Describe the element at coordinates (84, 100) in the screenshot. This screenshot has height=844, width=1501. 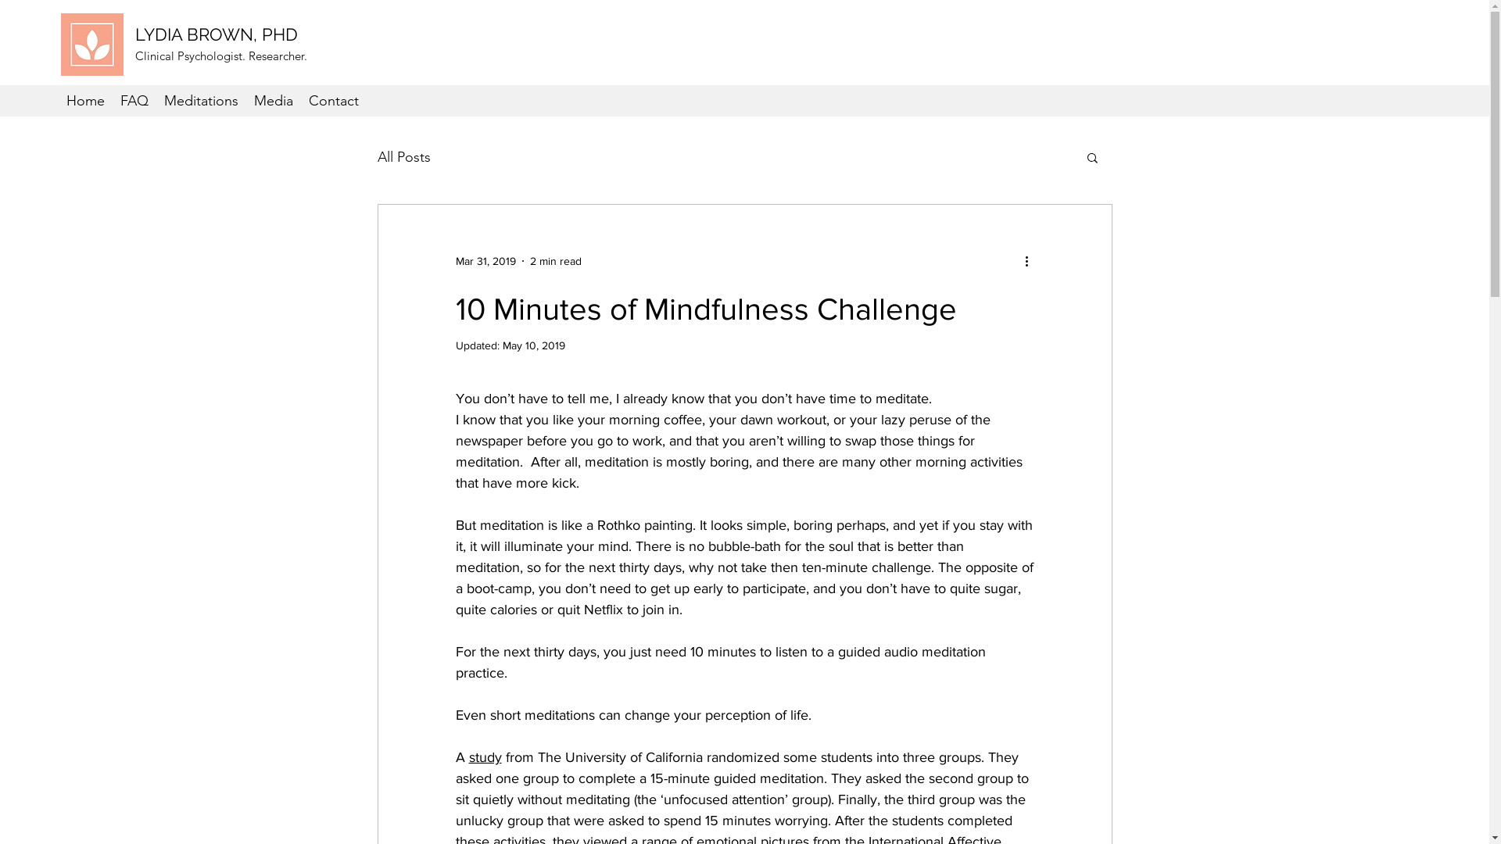
I see `'Home'` at that location.